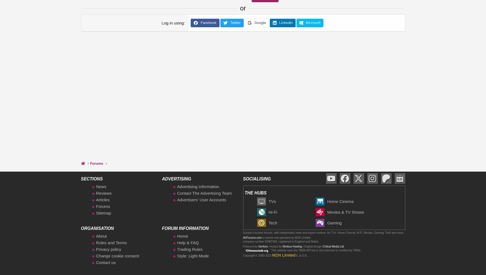 The width and height of the screenshot is (486, 275). I want to click on 'Change cookie consent', so click(117, 255).